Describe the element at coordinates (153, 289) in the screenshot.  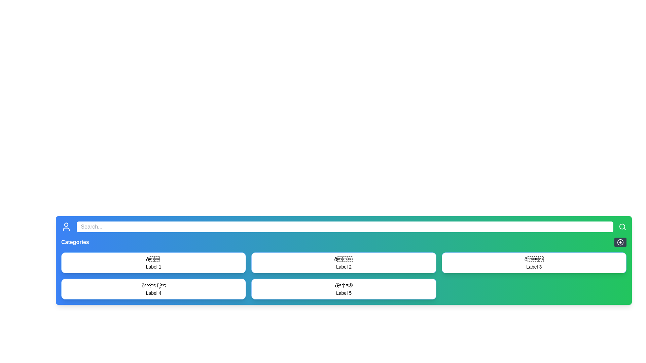
I see `the button labeled 'Label 4', which is a rectangular button with a white background and rounded corners, located in the second row and first column of a grid layout` at that location.